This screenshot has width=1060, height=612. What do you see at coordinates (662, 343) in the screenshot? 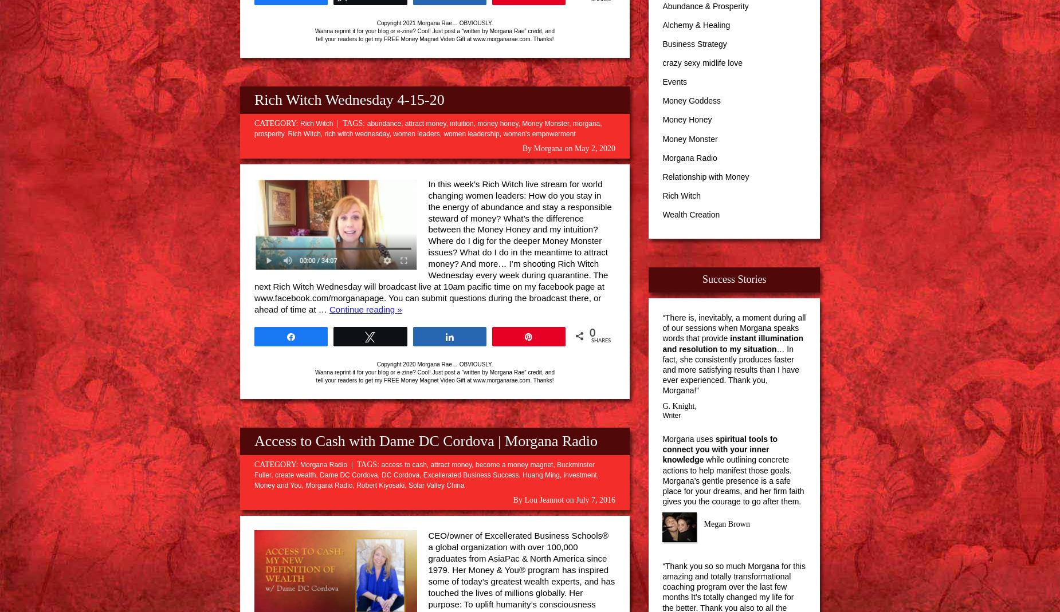
I see `'instant illumination and resolution to my situation'` at bounding box center [662, 343].